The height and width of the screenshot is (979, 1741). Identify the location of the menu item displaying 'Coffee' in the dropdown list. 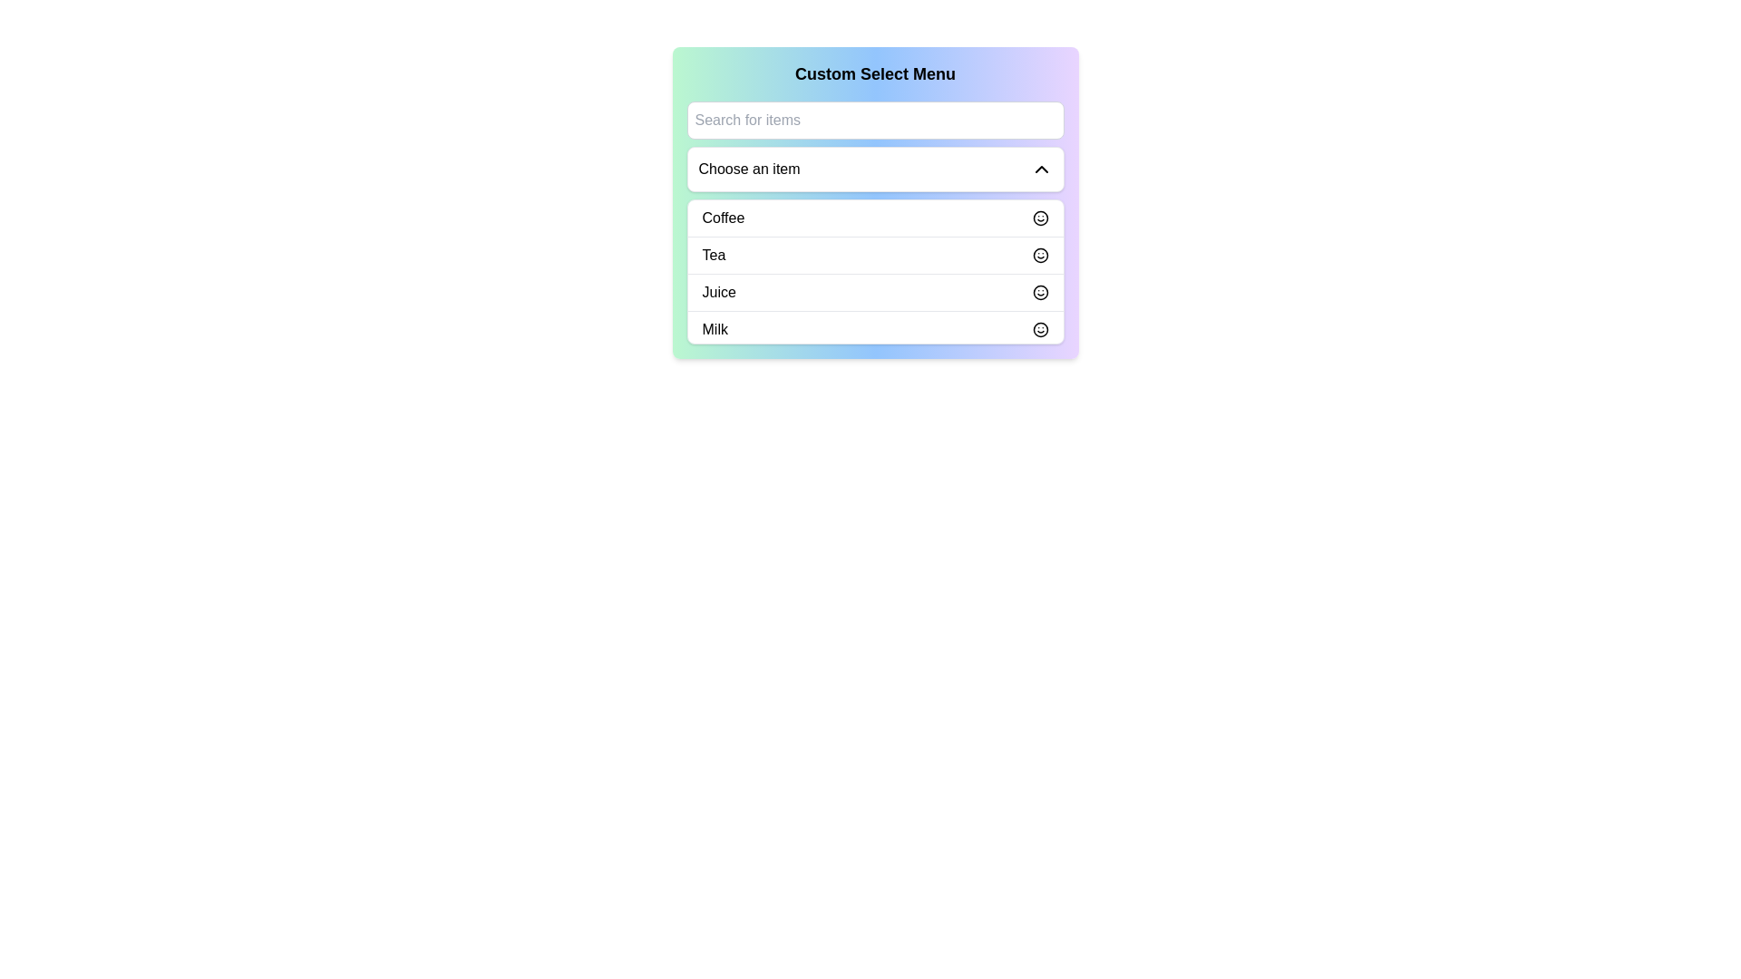
(722, 217).